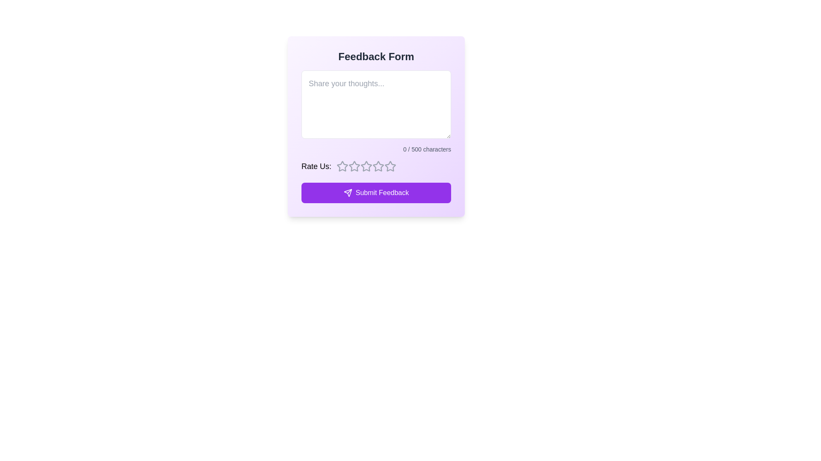  Describe the element at coordinates (343, 166) in the screenshot. I see `the first star icon in the 5-star rating system below the 'Rate Us:' label` at that location.